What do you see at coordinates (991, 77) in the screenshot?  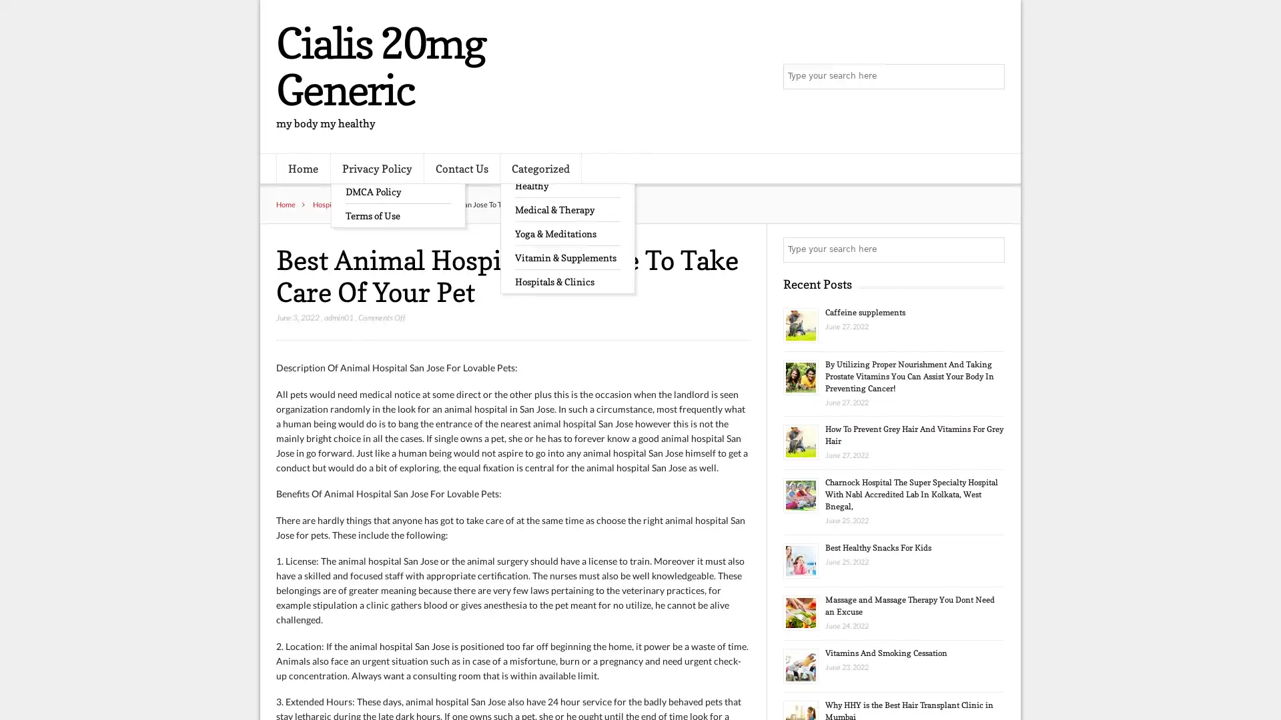 I see `Search` at bounding box center [991, 77].